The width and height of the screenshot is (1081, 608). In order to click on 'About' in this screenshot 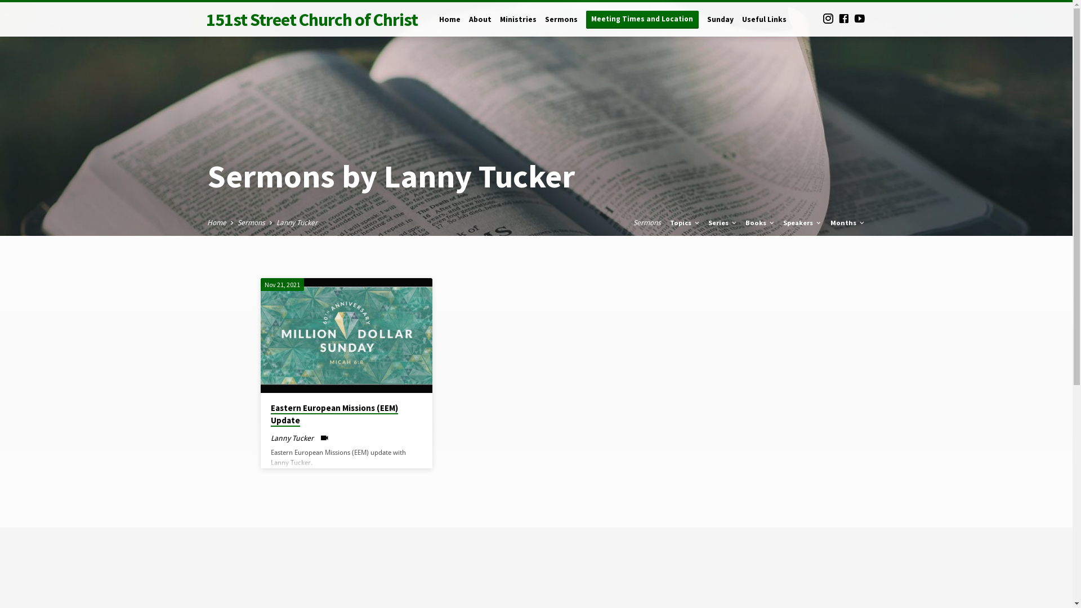, I will do `click(479, 26)`.